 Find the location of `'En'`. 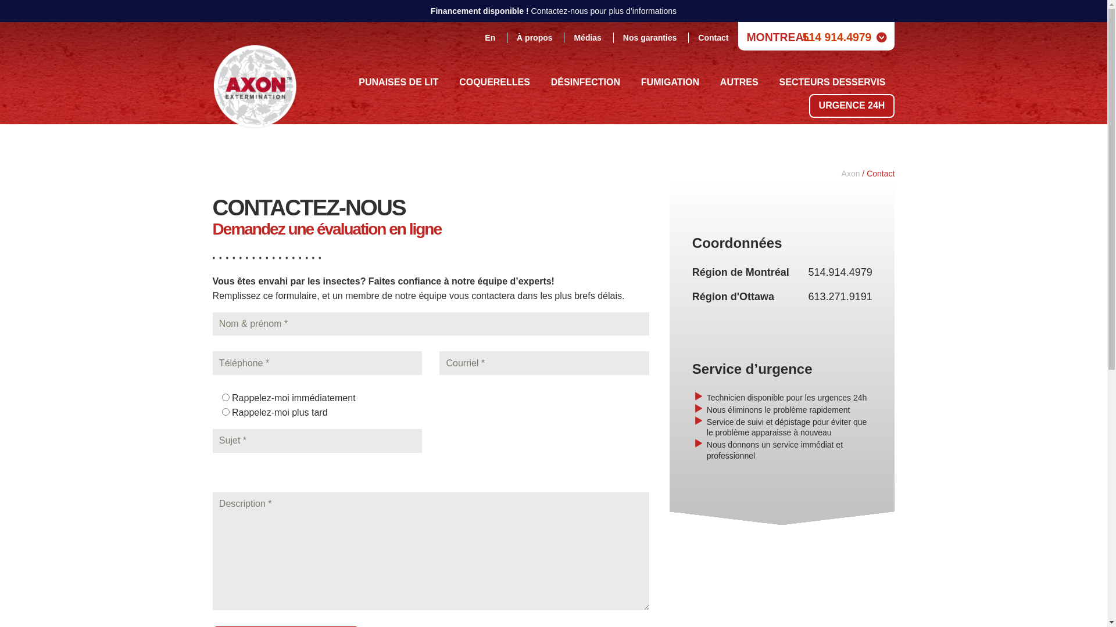

'En' is located at coordinates (490, 37).